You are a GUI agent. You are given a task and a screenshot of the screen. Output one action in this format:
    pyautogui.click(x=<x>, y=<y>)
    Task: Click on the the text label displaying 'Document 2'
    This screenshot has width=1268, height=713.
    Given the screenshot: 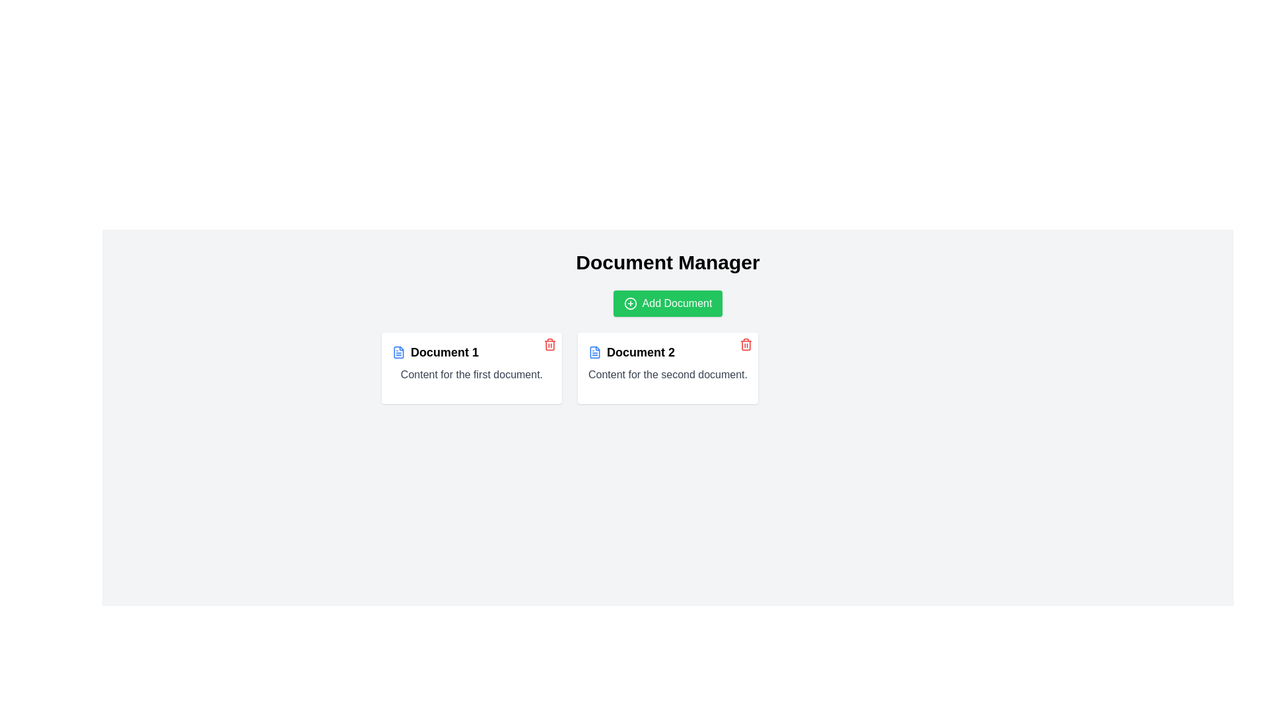 What is the action you would take?
    pyautogui.click(x=641, y=351)
    